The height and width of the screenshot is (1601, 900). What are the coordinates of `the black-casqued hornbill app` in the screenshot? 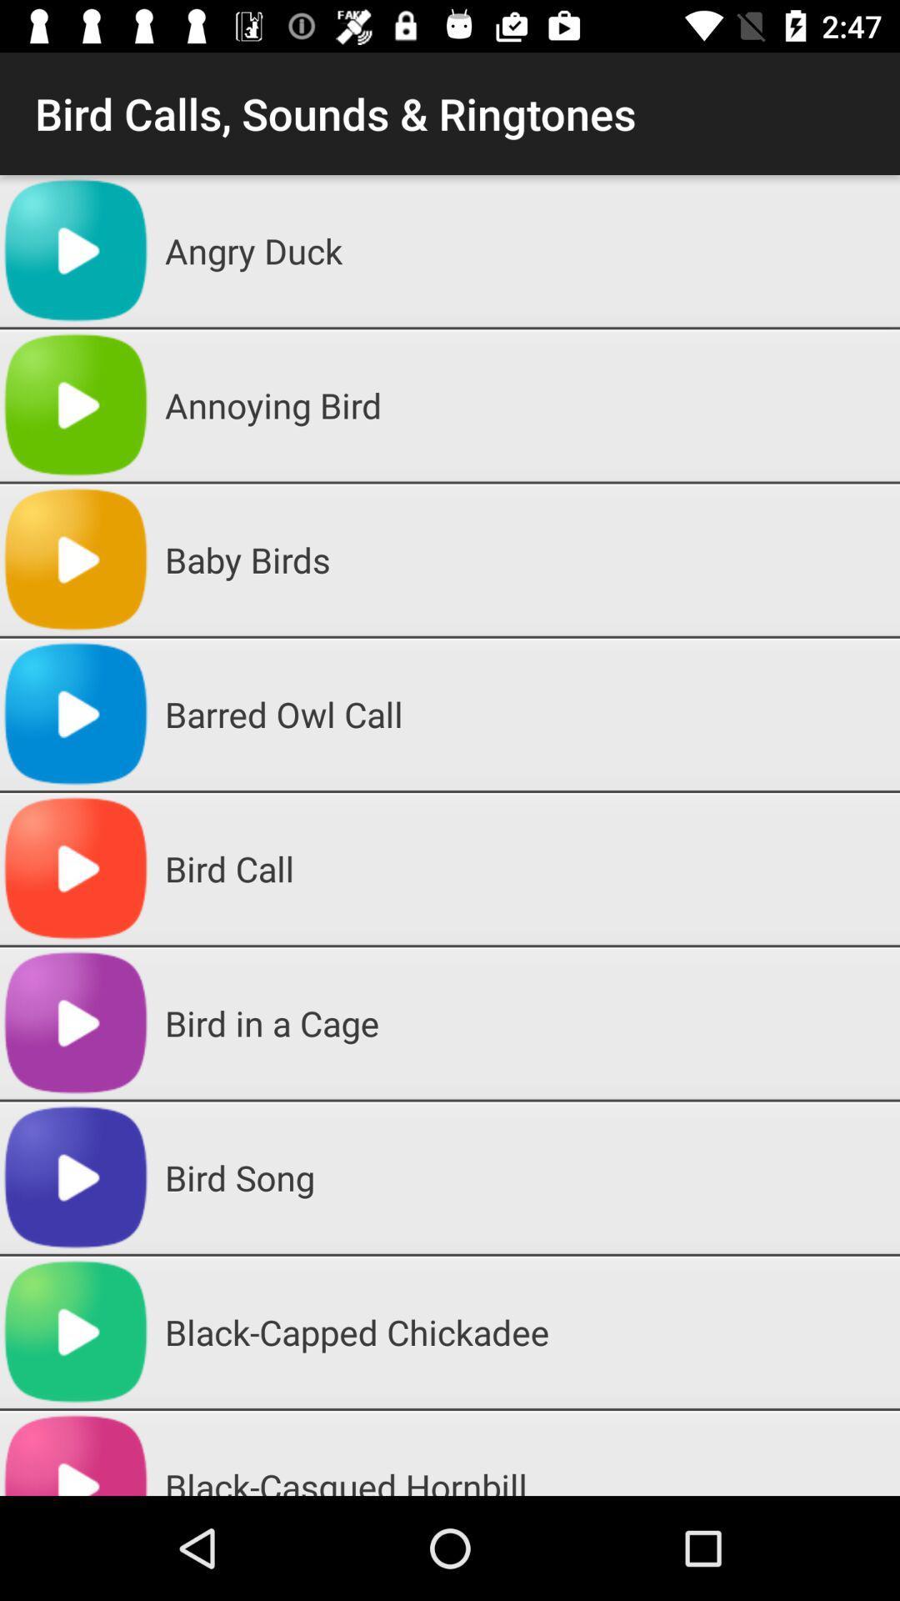 It's located at (526, 1452).